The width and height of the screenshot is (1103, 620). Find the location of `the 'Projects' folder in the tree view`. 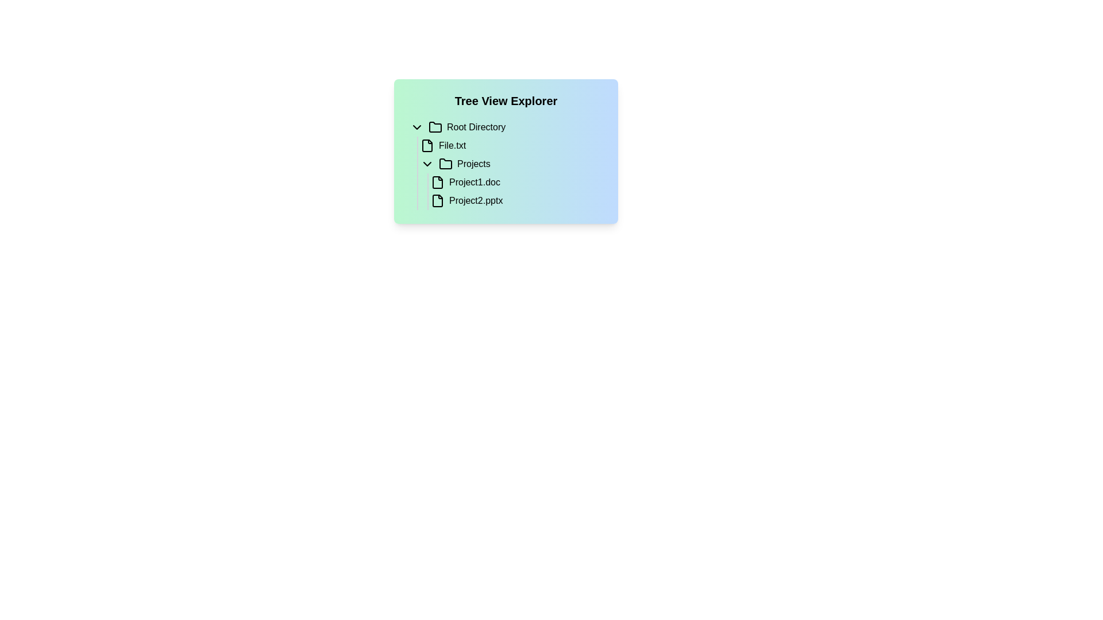

the 'Projects' folder in the tree view is located at coordinates (510, 164).